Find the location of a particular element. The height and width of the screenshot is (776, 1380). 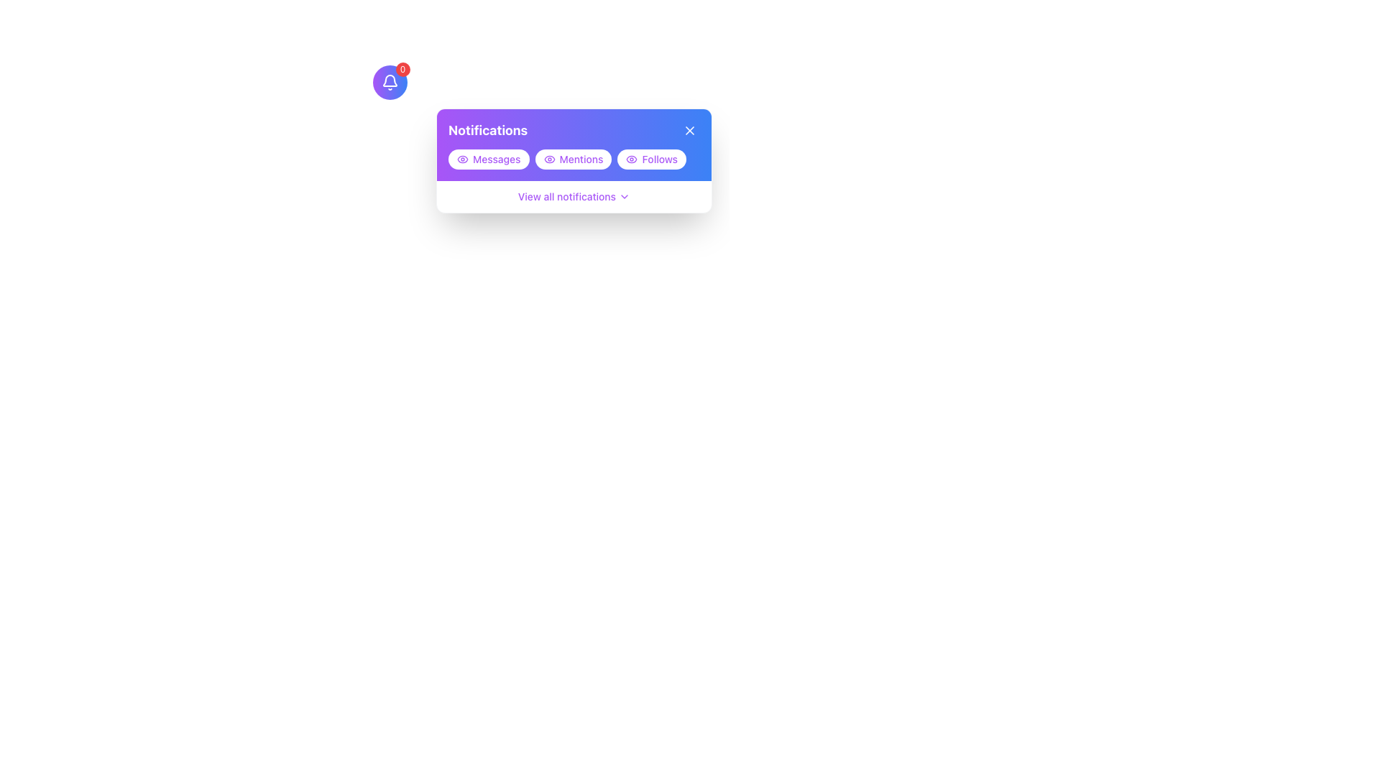

the notification badge located at the top-right corner of the notification bell icon, which is part of a circular button styled with a gradient from purple to blue is located at coordinates (402, 69).